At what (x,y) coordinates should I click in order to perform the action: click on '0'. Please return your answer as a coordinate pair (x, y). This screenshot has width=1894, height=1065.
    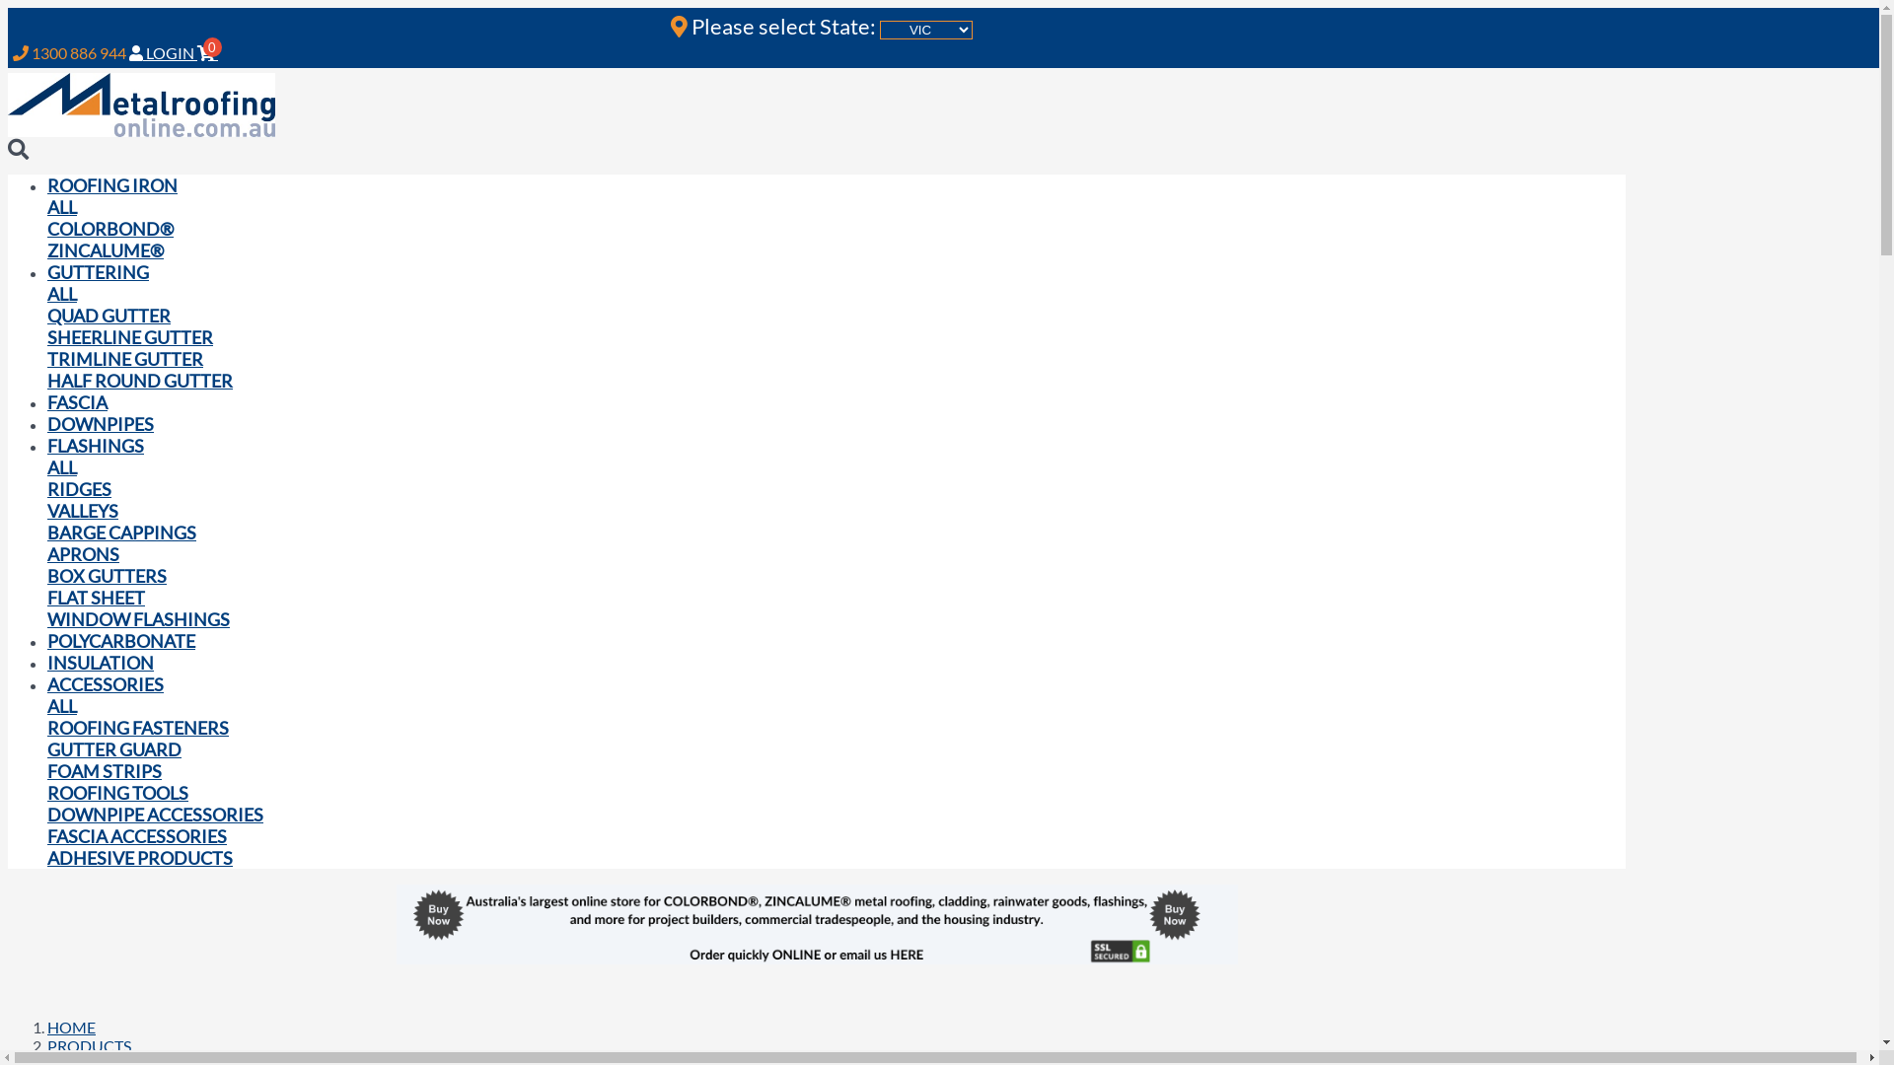
    Looking at the image, I should click on (209, 51).